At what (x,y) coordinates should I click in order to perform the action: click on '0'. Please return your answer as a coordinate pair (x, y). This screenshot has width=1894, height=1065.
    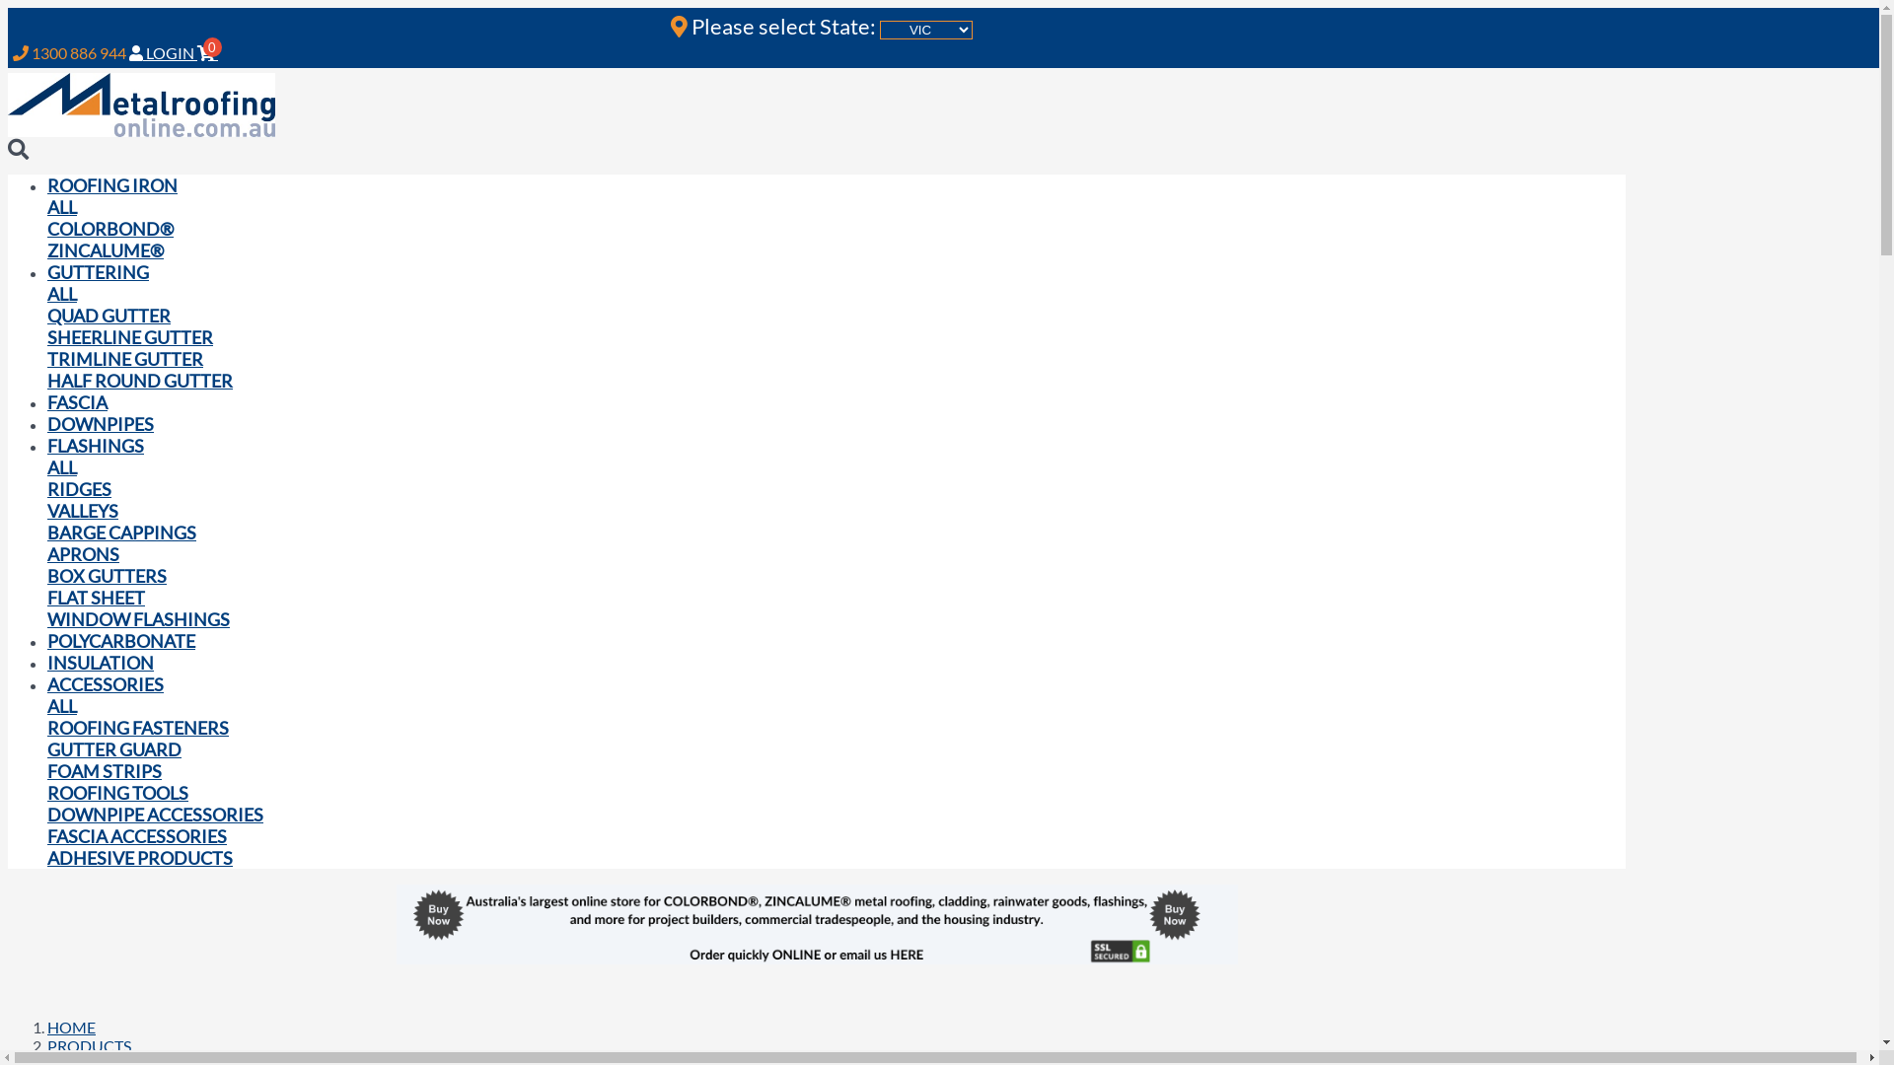
    Looking at the image, I should click on (209, 51).